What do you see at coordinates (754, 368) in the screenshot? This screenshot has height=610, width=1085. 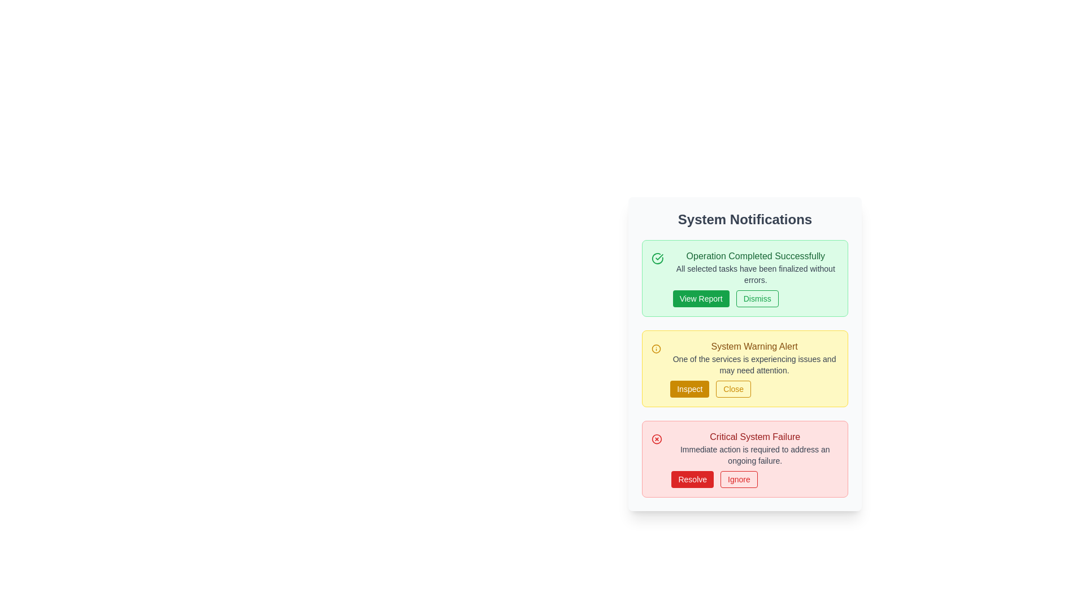 I see `the Notification component with the text 'System Warning Alert'` at bounding box center [754, 368].